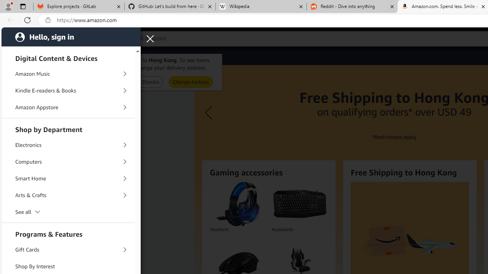 This screenshot has width=488, height=274. I want to click on 'Electronics', so click(68, 145).